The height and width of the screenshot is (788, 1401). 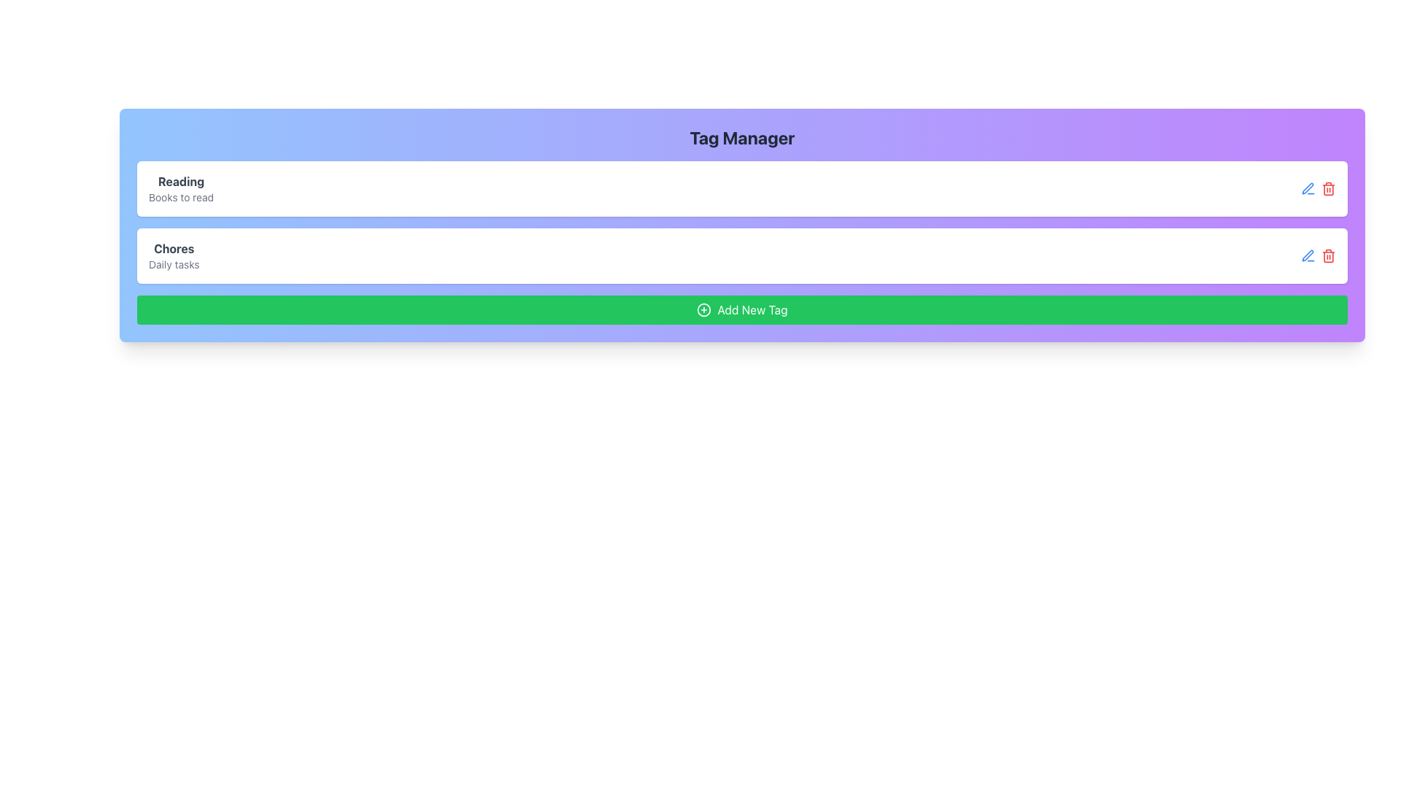 I want to click on the 'Chores' text block, which serves as a title and brief description in the vertical list, so click(x=174, y=255).